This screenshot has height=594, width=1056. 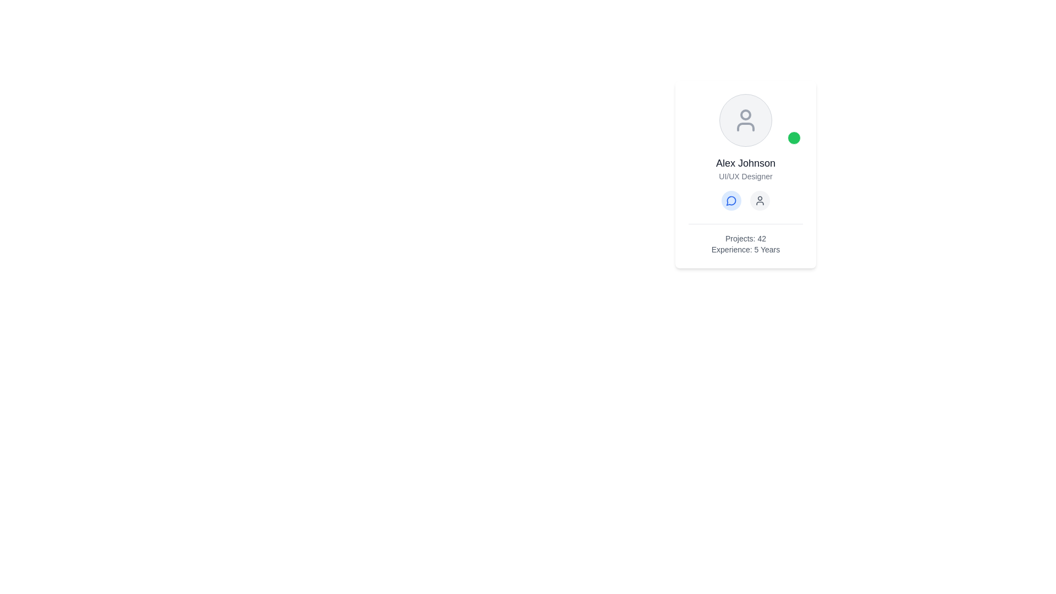 What do you see at coordinates (746, 127) in the screenshot?
I see `the Decorative icon located within the user profile card, positioned below the circular outline of the avatar icon` at bounding box center [746, 127].